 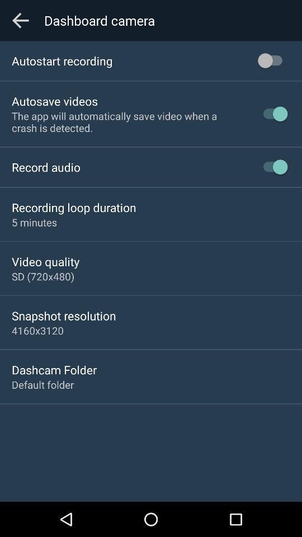 I want to click on the item above autostart recording icon, so click(x=20, y=20).